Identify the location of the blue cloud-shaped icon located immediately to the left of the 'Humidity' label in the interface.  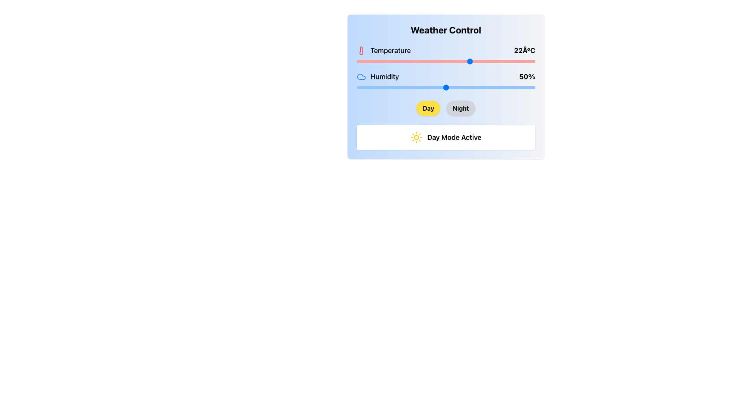
(361, 77).